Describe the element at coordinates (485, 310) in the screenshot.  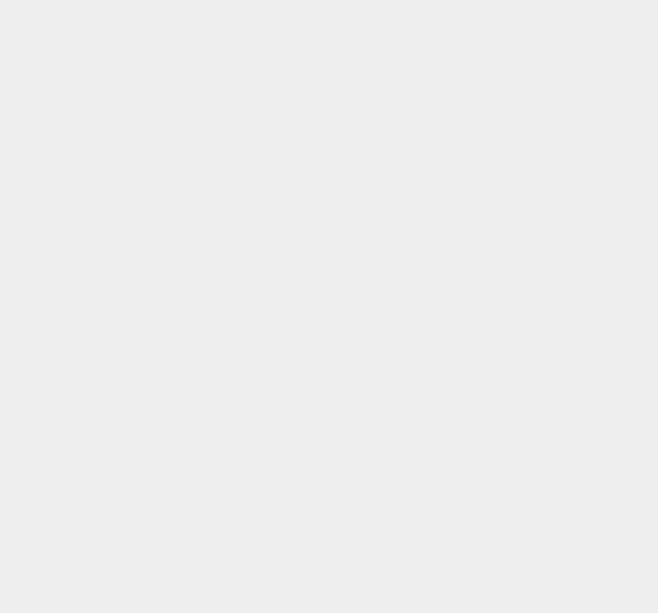
I see `'iPhone 3GS'` at that location.